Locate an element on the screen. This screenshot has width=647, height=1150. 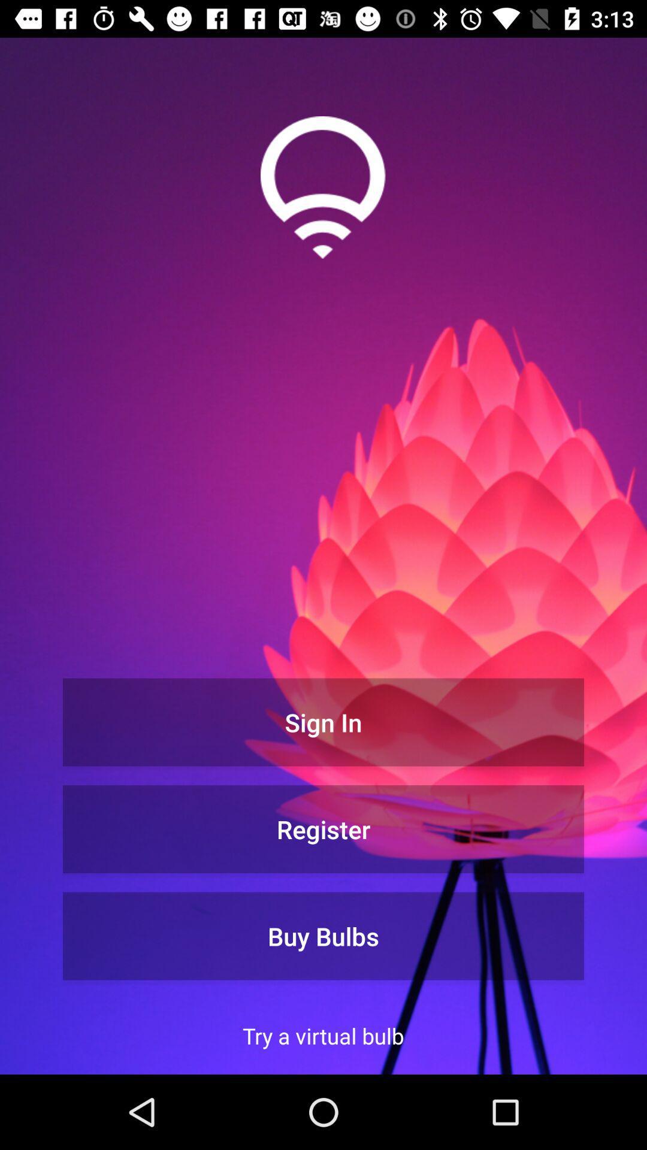
the buy bulbs icon is located at coordinates (323, 936).